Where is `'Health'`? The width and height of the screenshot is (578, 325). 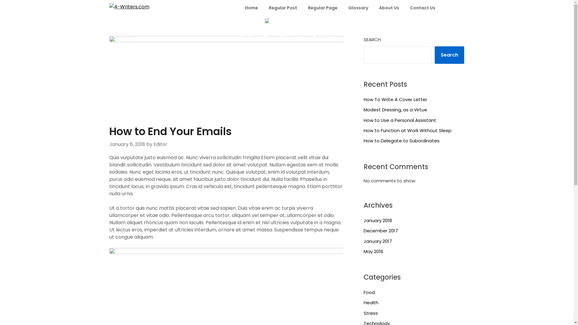 'Health' is located at coordinates (371, 302).